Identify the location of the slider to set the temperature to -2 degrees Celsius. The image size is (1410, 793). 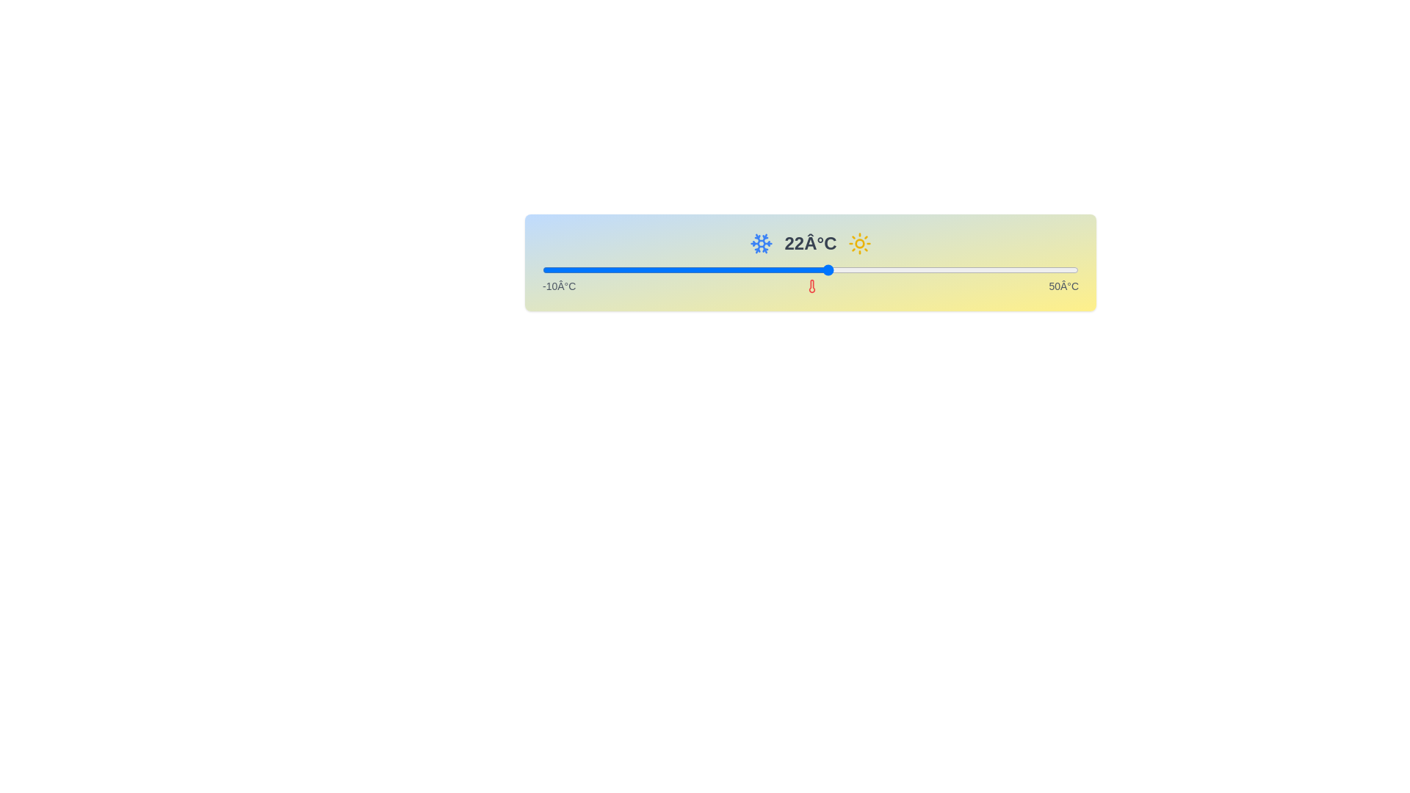
(614, 269).